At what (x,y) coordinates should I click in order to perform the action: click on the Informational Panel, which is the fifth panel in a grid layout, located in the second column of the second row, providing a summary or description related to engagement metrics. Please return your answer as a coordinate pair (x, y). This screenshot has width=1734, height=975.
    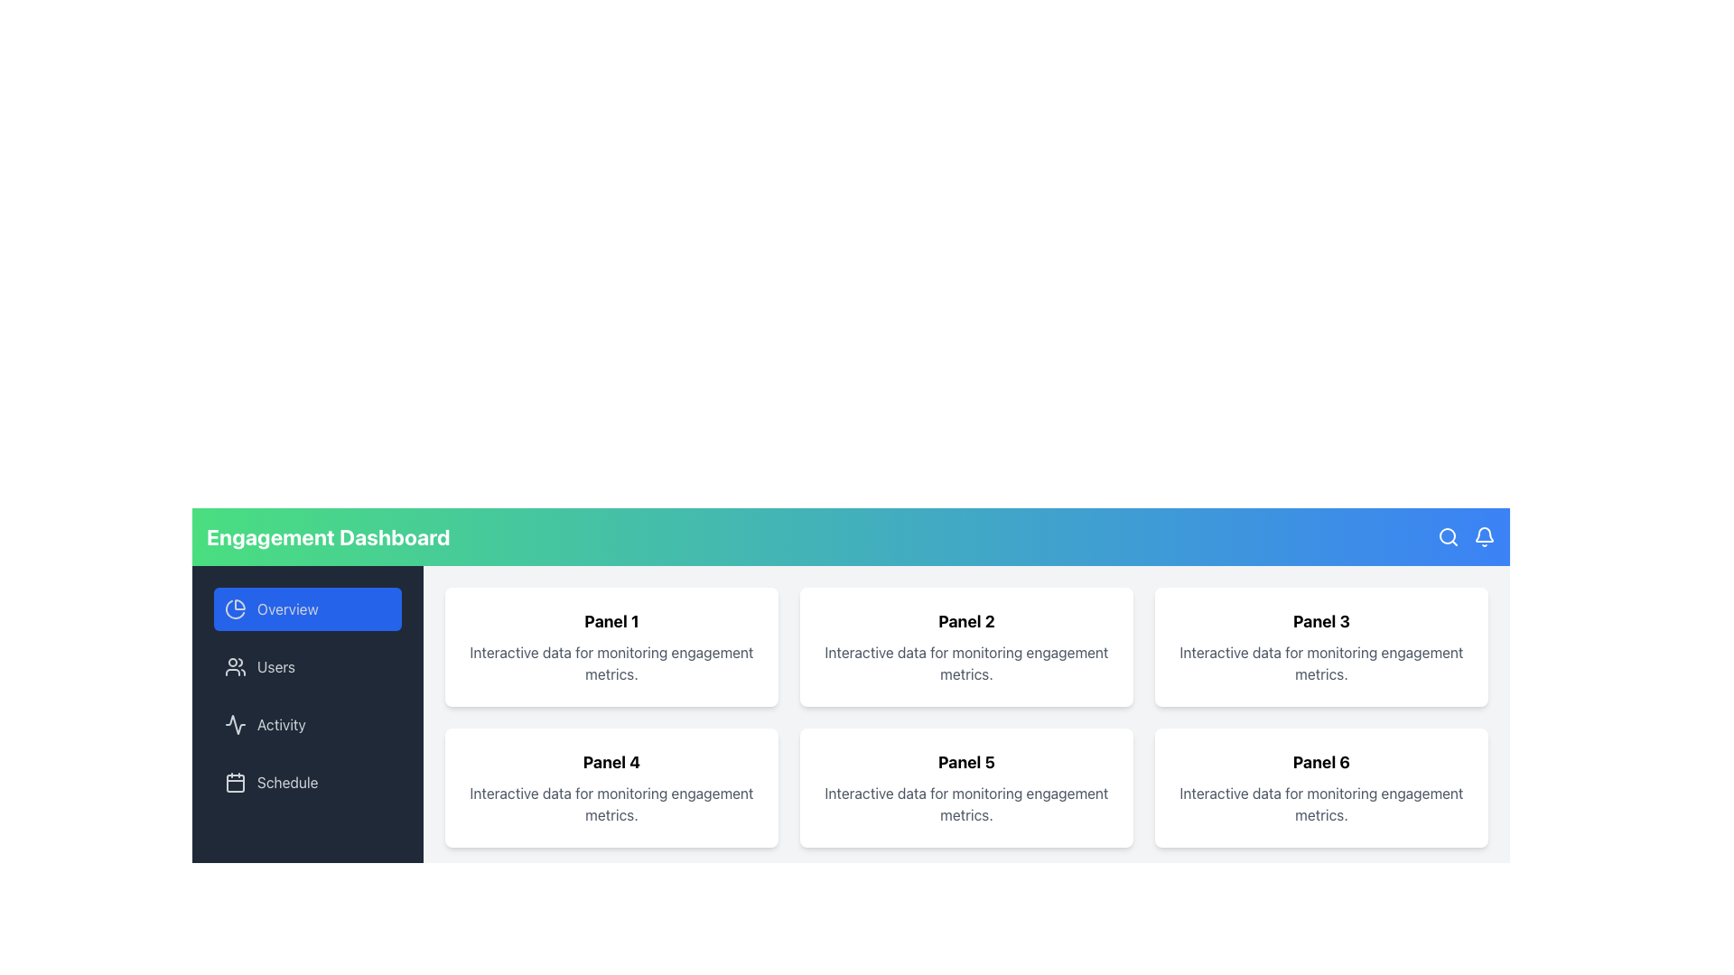
    Looking at the image, I should click on (965, 786).